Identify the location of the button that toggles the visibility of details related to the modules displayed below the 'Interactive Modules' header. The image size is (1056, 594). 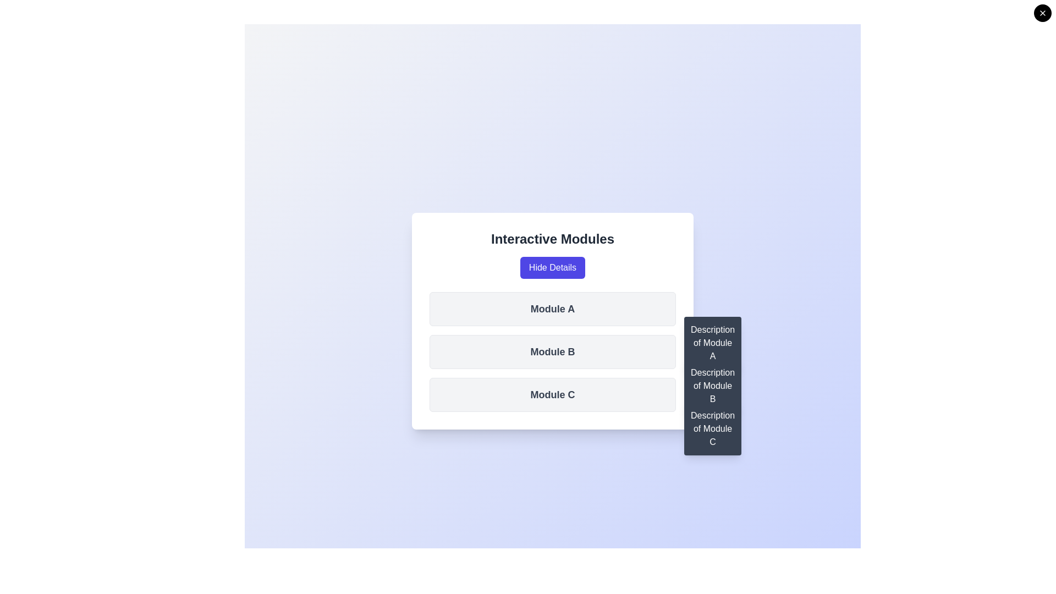
(552, 267).